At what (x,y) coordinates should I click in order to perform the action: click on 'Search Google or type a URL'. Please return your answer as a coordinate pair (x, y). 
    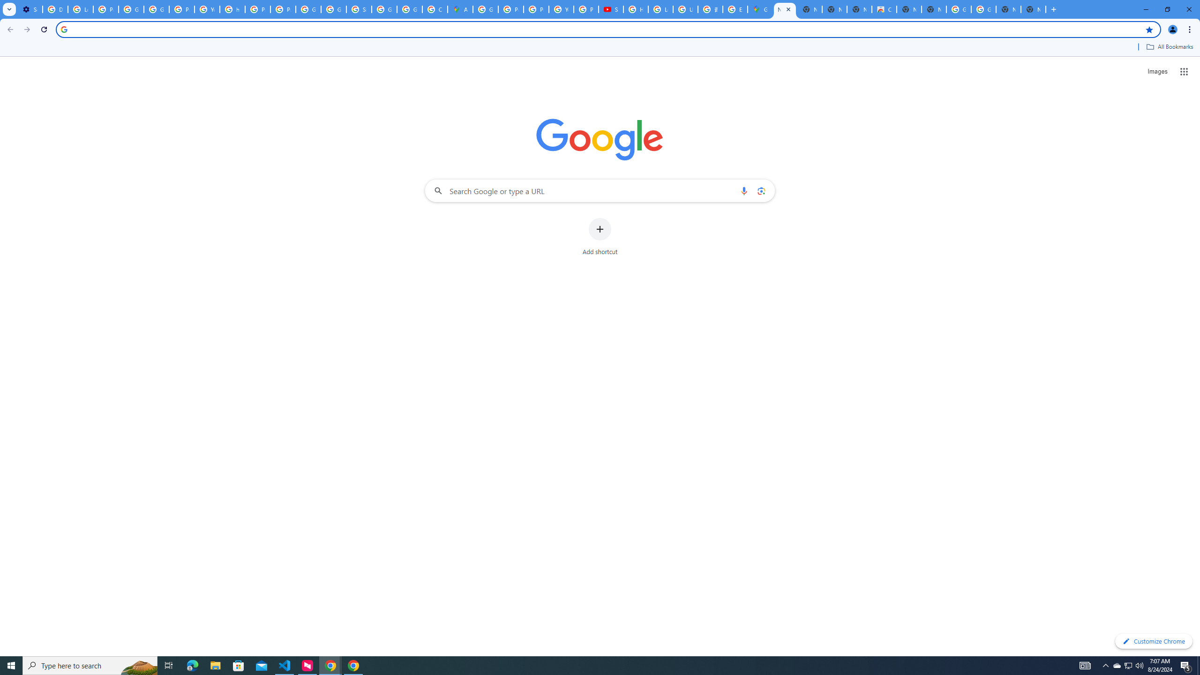
    Looking at the image, I should click on (600, 190).